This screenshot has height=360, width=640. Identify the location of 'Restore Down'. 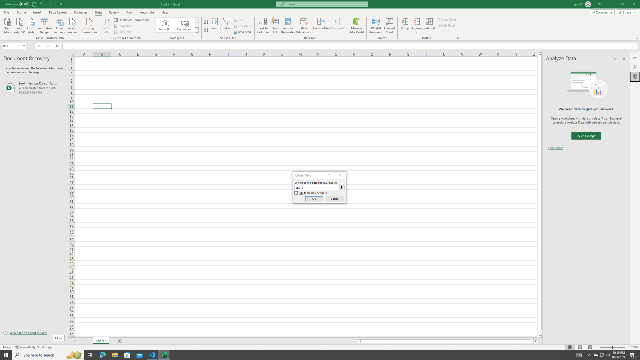
(622, 4).